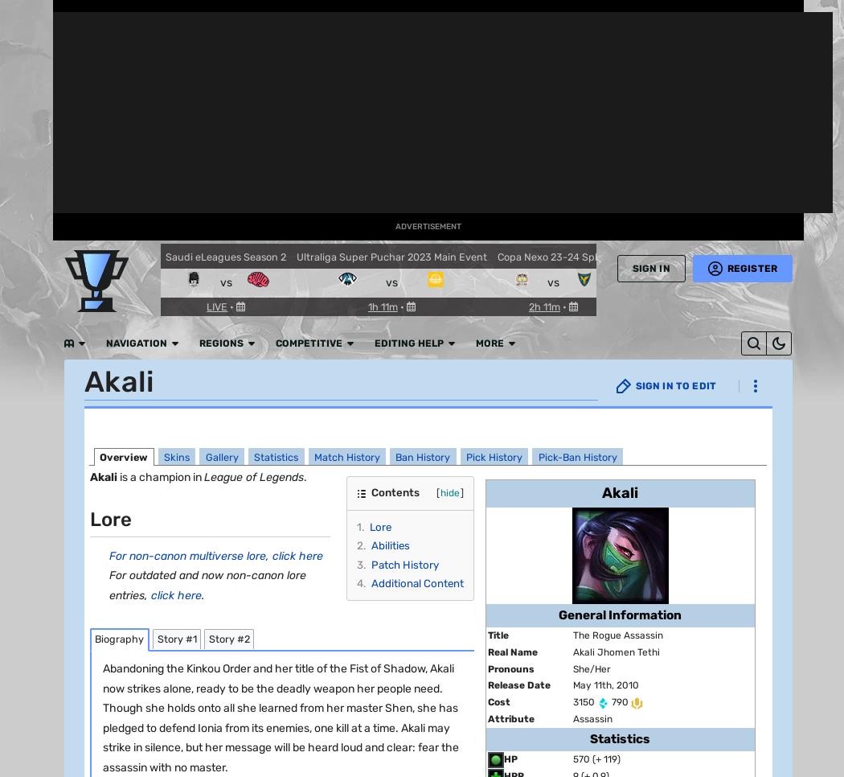 This screenshot has width=844, height=777. I want to click on 'DAMAGE TYPE :', so click(163, 258).